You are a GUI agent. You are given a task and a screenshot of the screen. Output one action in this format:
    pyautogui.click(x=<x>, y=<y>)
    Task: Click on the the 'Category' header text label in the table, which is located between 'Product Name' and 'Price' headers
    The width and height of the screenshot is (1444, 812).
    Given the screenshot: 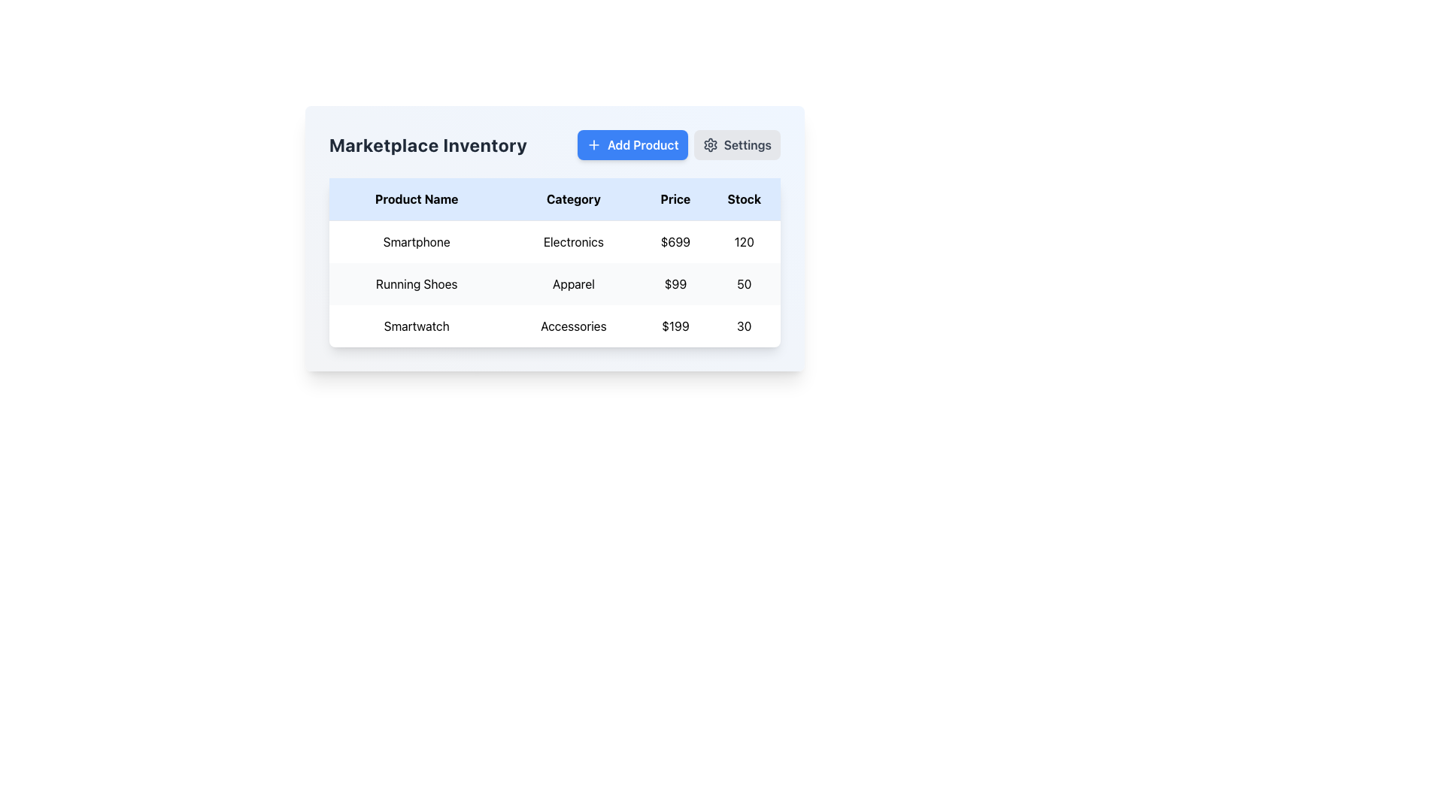 What is the action you would take?
    pyautogui.click(x=572, y=198)
    